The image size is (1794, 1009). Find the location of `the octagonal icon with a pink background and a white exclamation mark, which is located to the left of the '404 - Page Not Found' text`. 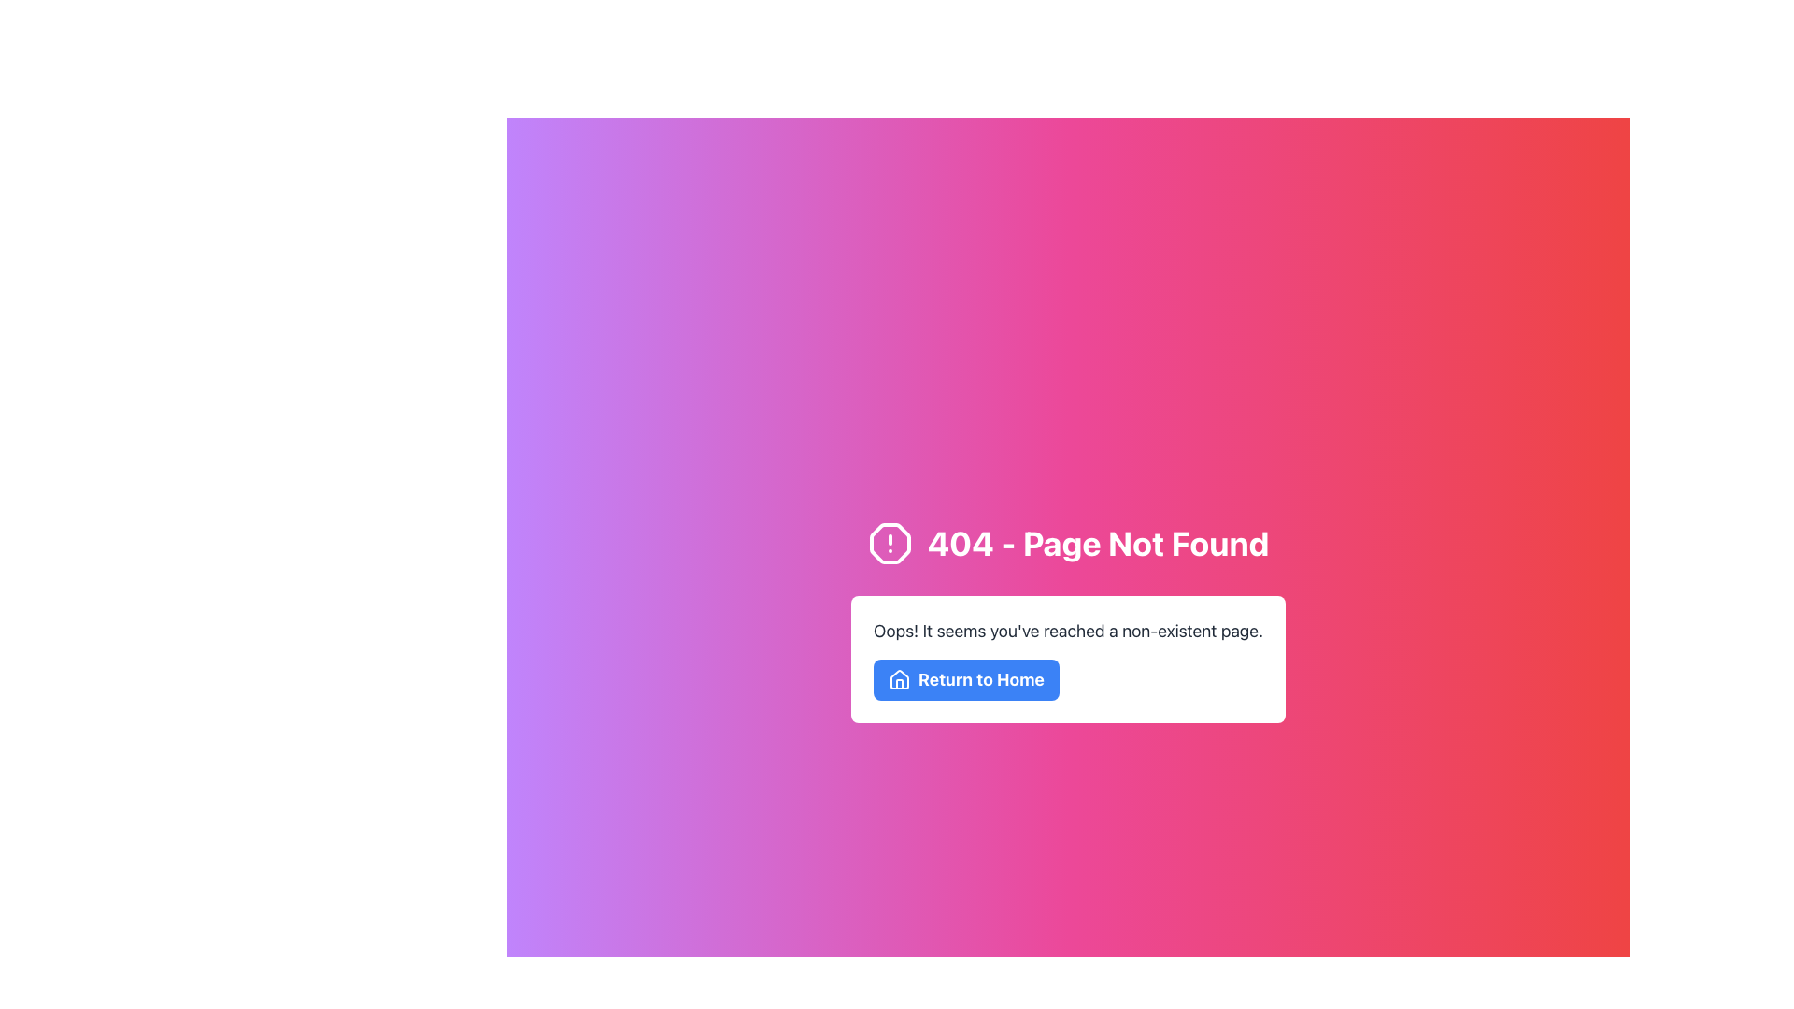

the octagonal icon with a pink background and a white exclamation mark, which is located to the left of the '404 - Page Not Found' text is located at coordinates (889, 544).